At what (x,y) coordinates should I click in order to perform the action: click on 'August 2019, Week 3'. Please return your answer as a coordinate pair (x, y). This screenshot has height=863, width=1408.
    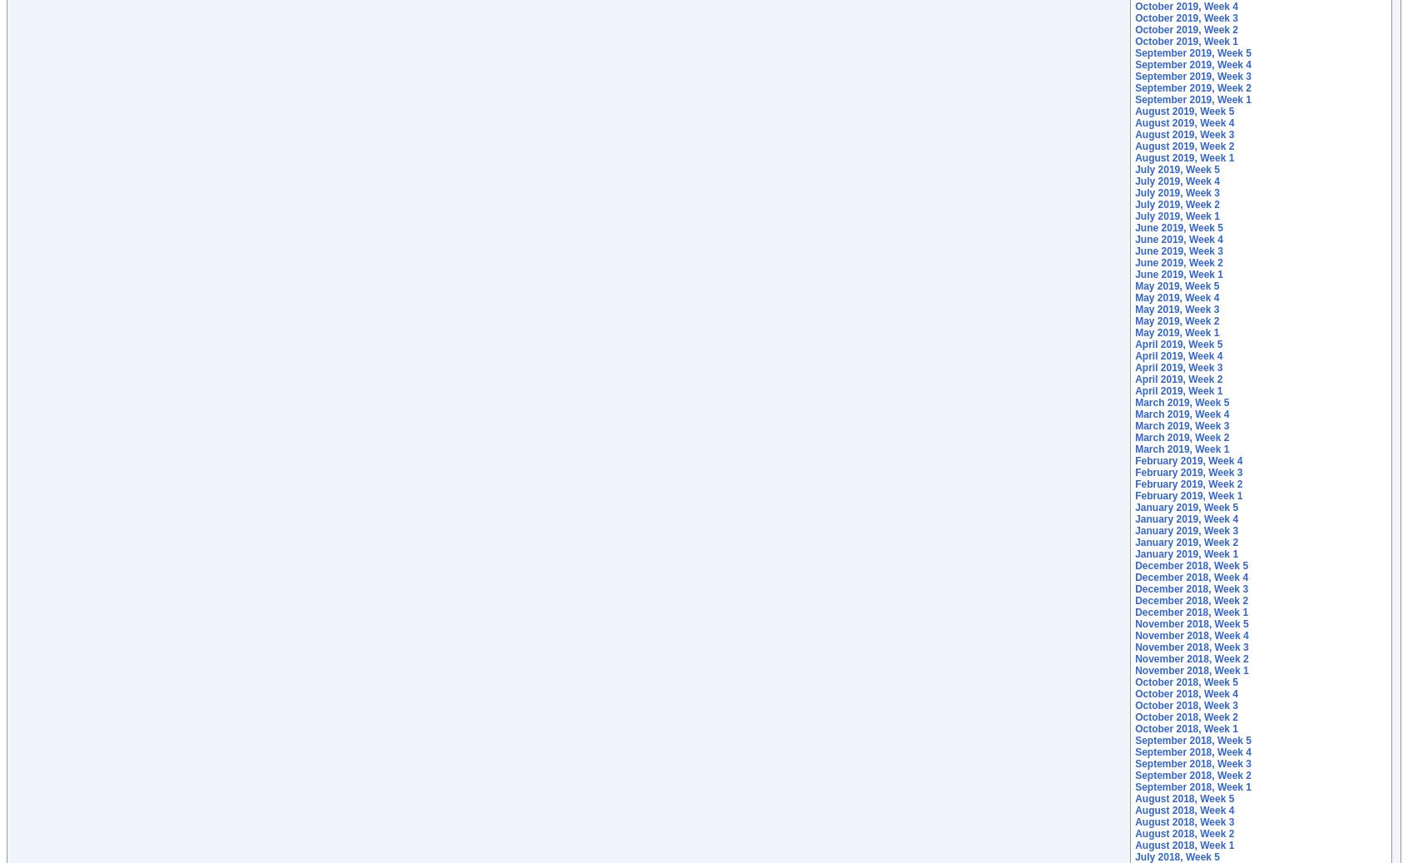
    Looking at the image, I should click on (1183, 133).